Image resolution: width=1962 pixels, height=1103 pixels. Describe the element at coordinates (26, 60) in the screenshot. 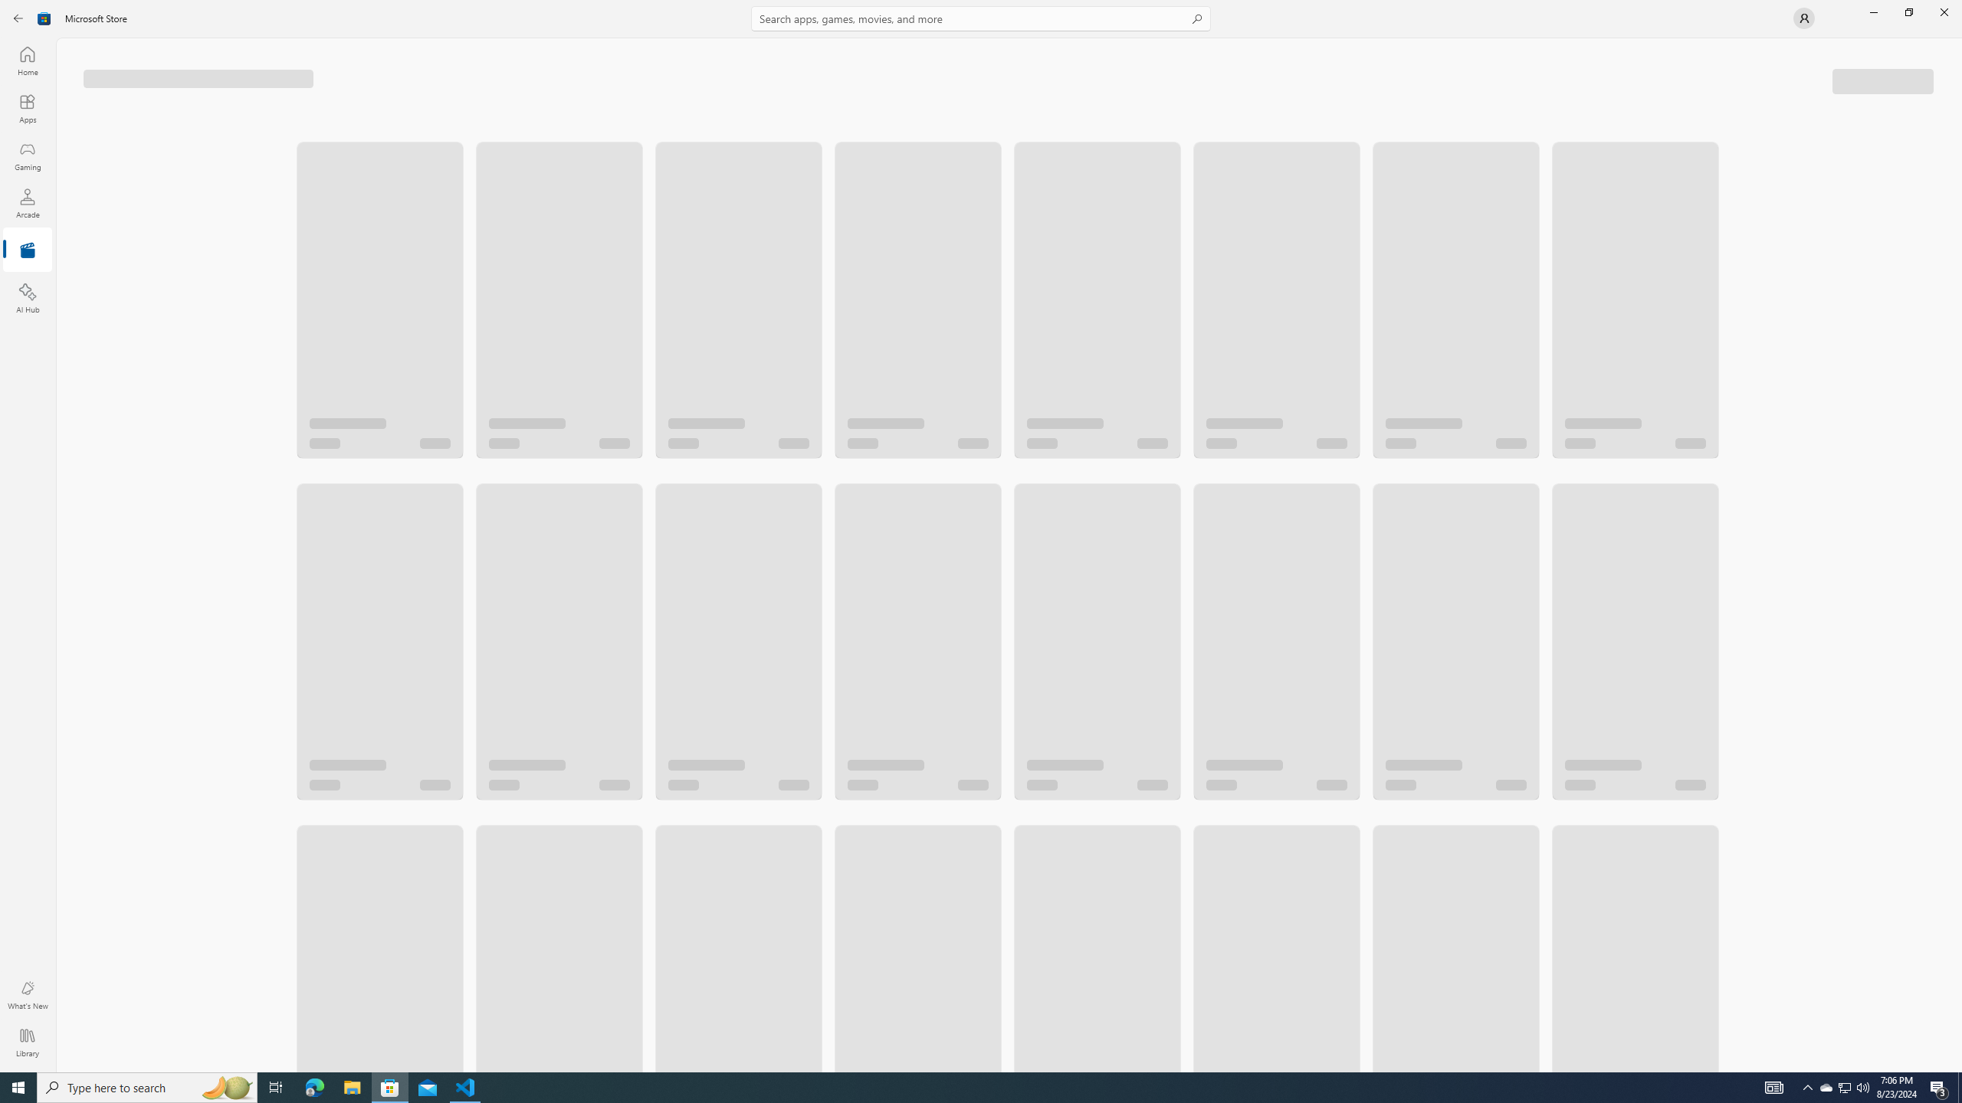

I see `'Home'` at that location.